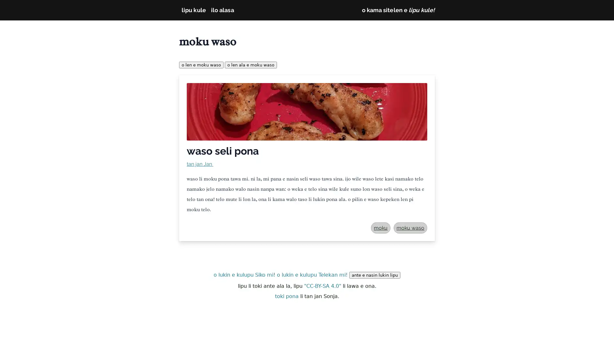  I want to click on o len e moku waso, so click(201, 65).